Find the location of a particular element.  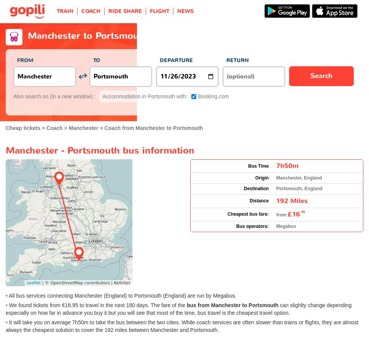

'Distance' is located at coordinates (259, 200).